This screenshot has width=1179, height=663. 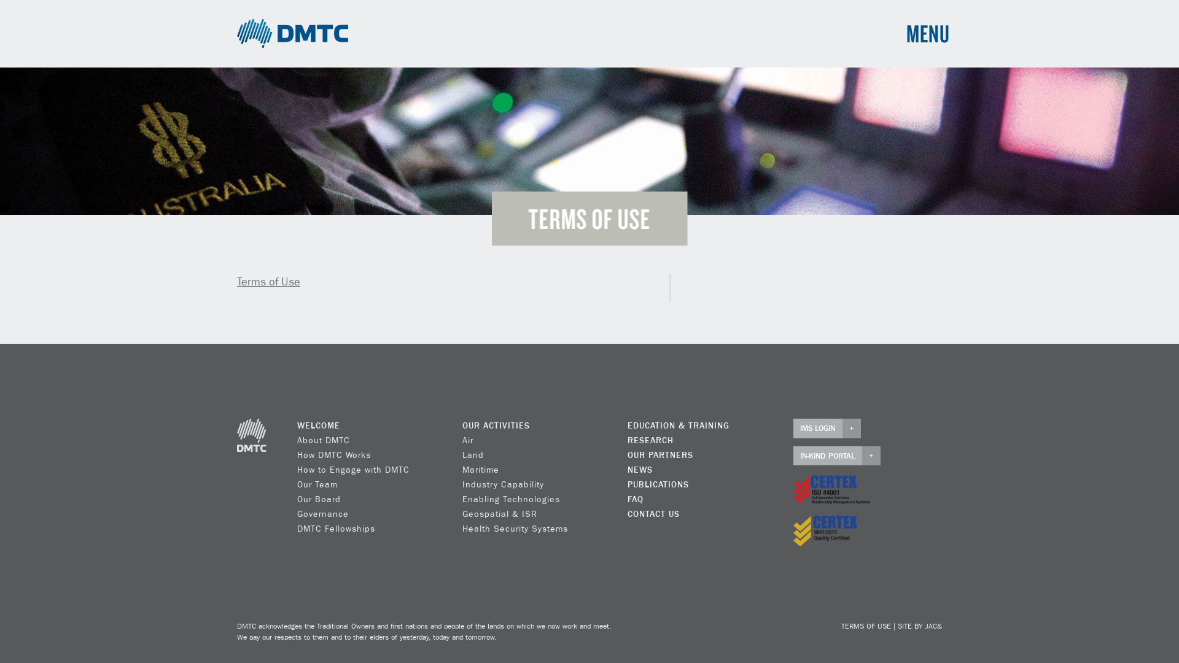 What do you see at coordinates (352, 470) in the screenshot?
I see `'How to Engage with DMTC'` at bounding box center [352, 470].